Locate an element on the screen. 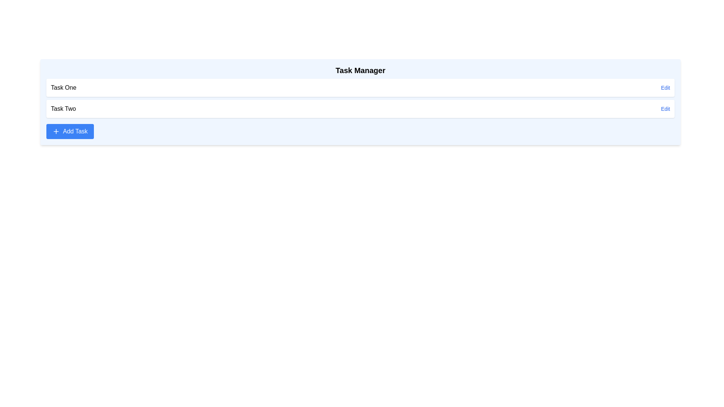  the text label that says 'Task One', which is displayed in black text on a white background, located in the top row of a task list to the left of the 'Edit' link is located at coordinates (63, 87).